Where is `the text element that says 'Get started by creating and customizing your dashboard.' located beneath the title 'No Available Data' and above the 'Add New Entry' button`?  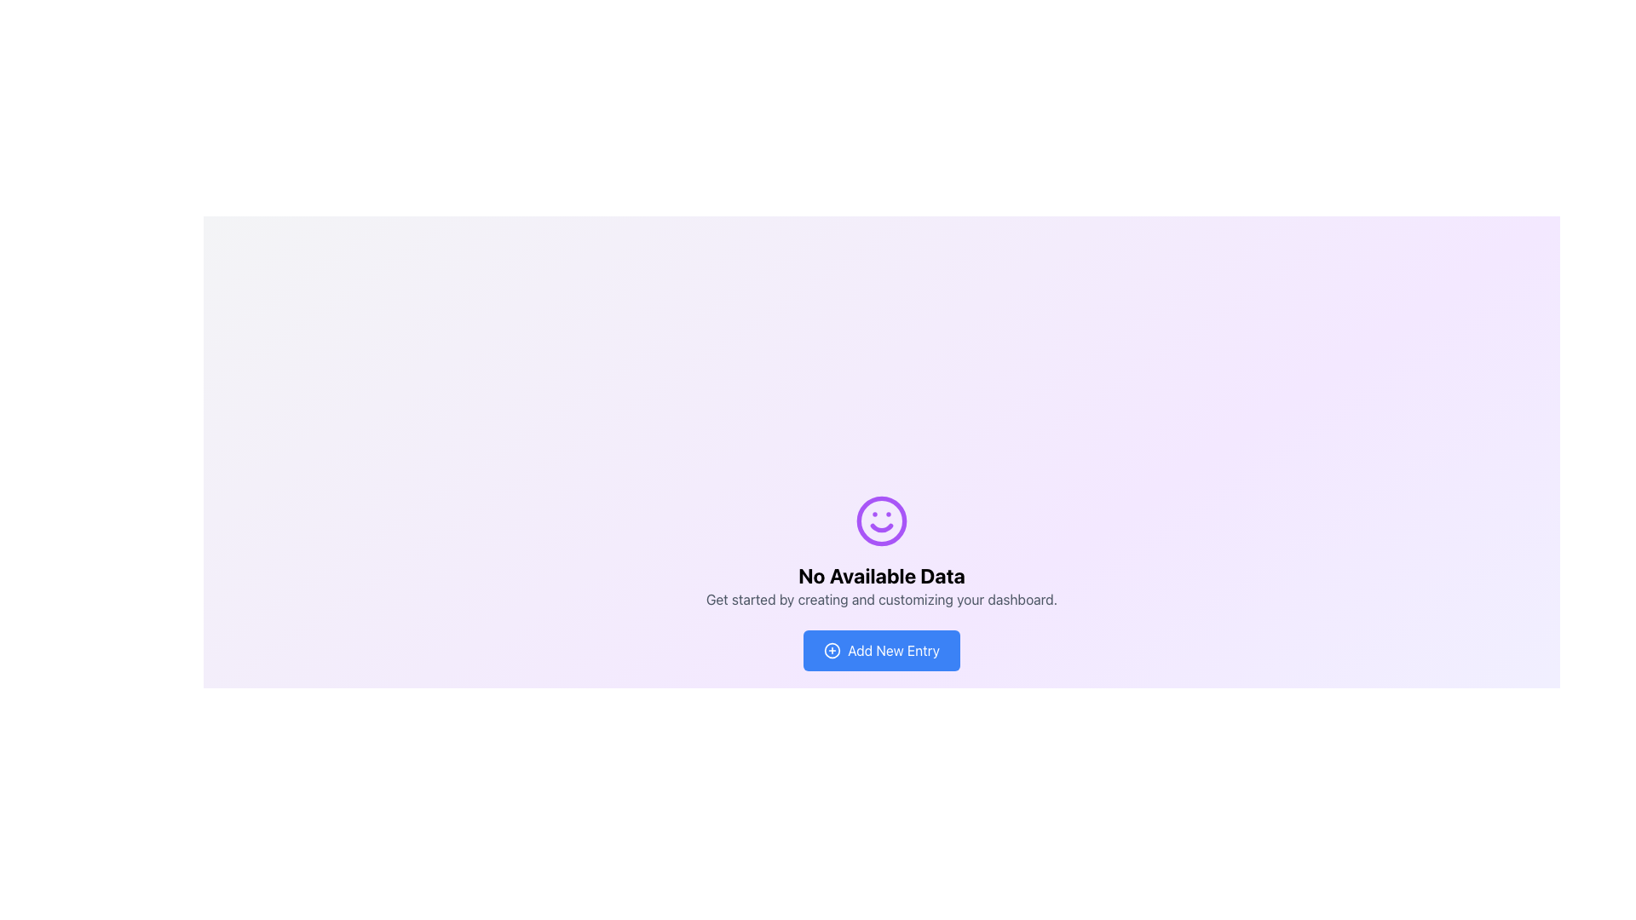 the text element that says 'Get started by creating and customizing your dashboard.' located beneath the title 'No Available Data' and above the 'Add New Entry' button is located at coordinates (882, 599).